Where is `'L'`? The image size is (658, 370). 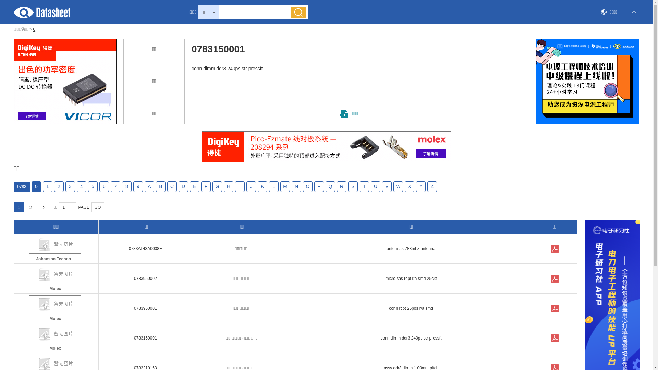 'L' is located at coordinates (273, 186).